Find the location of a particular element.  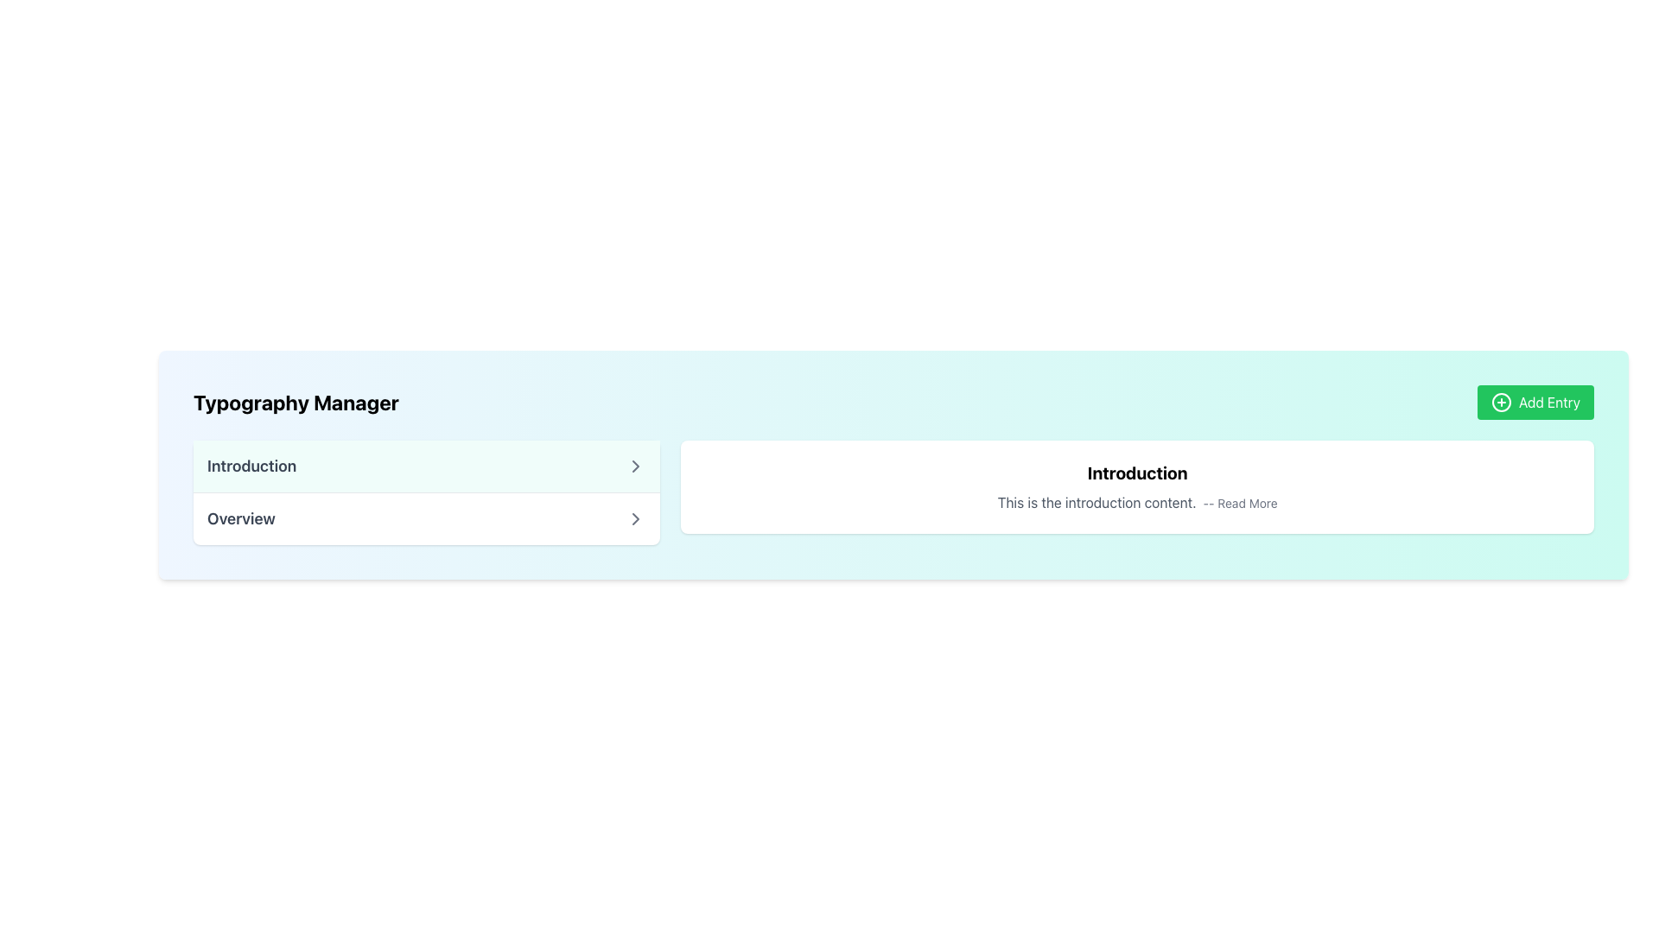

the second List Item under the 'Typography Manager' heading for keyboard navigation is located at coordinates (427, 518).